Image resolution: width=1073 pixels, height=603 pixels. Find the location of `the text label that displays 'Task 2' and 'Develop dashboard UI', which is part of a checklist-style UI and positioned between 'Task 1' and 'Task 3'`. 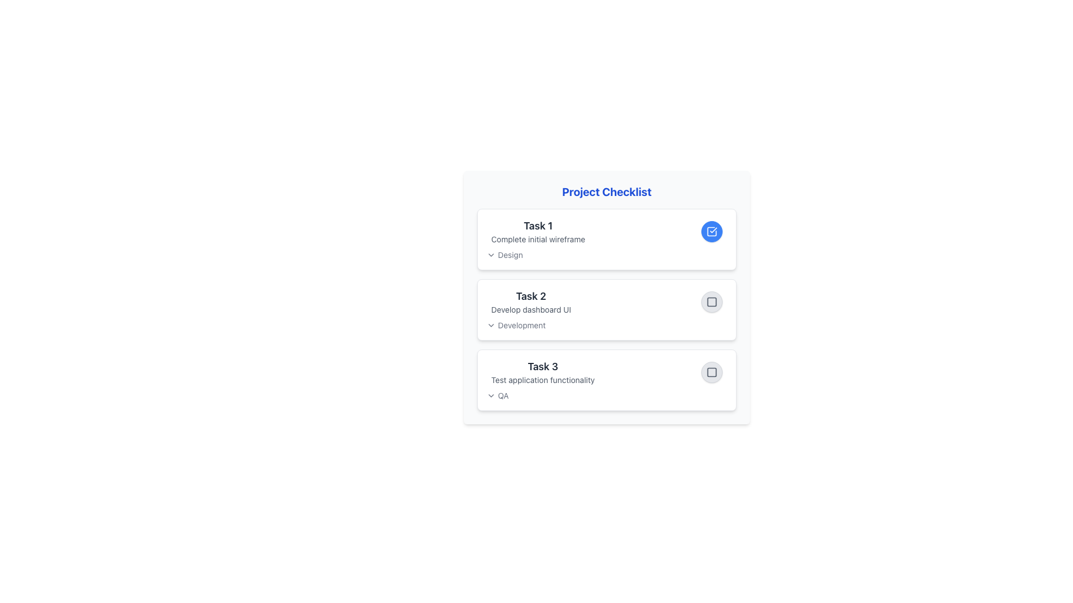

the text label that displays 'Task 2' and 'Develop dashboard UI', which is part of a checklist-style UI and positioned between 'Task 1' and 'Task 3' is located at coordinates (530, 301).